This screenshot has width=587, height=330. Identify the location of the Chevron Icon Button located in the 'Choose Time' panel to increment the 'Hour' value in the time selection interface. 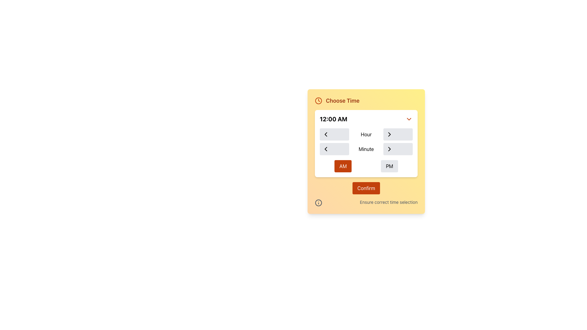
(389, 134).